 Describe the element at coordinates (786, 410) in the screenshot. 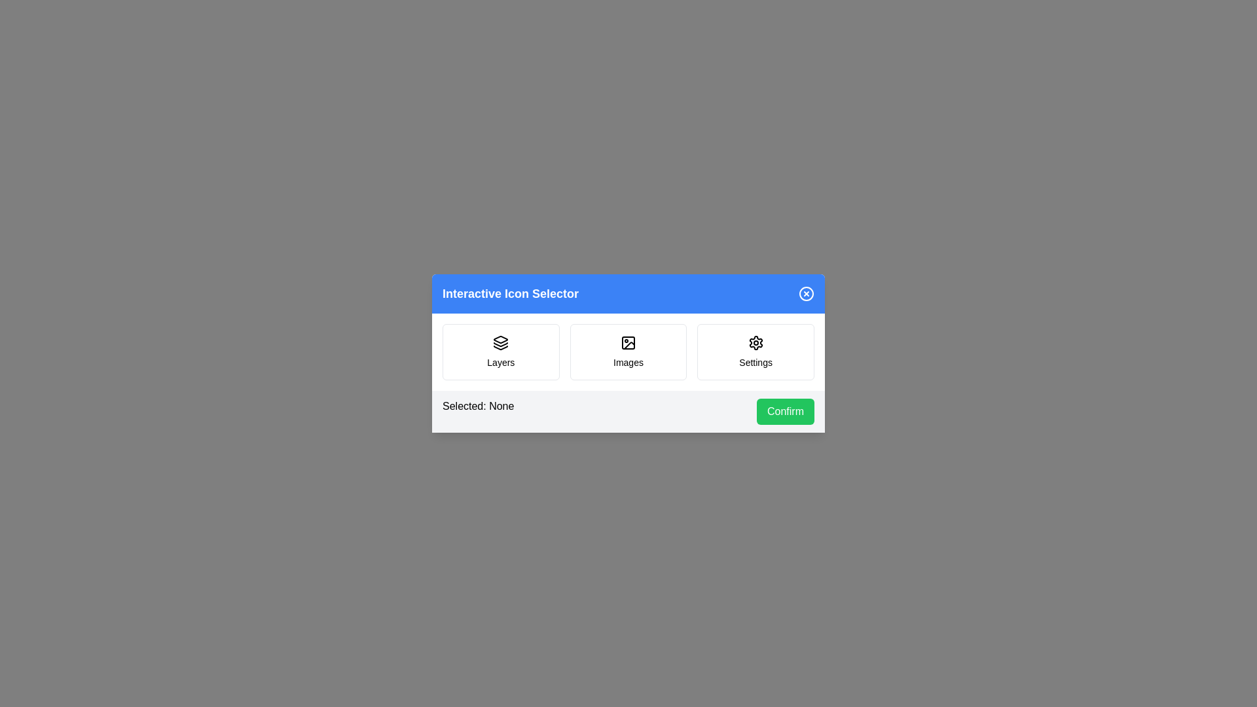

I see `the 'Confirm' button to confirm the selection` at that location.